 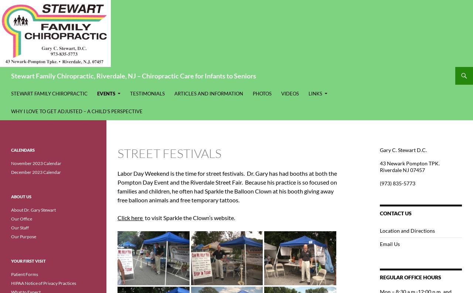 What do you see at coordinates (21, 219) in the screenshot?
I see `'Our Office'` at bounding box center [21, 219].